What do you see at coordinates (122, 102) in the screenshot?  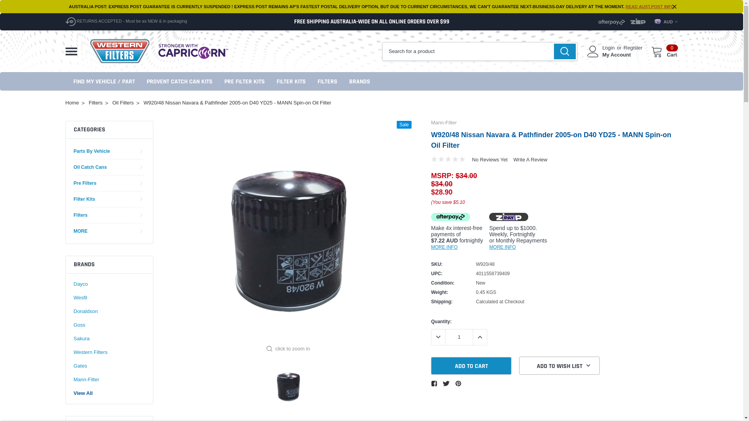 I see `'Oil Filters'` at bounding box center [122, 102].